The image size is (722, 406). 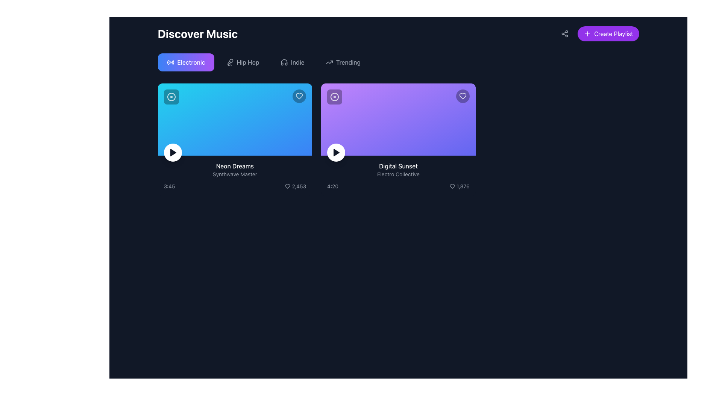 I want to click on the icon within the 'Create Playlist' button, which is located to the left of the 'Create Playlist' text, so click(x=587, y=33).